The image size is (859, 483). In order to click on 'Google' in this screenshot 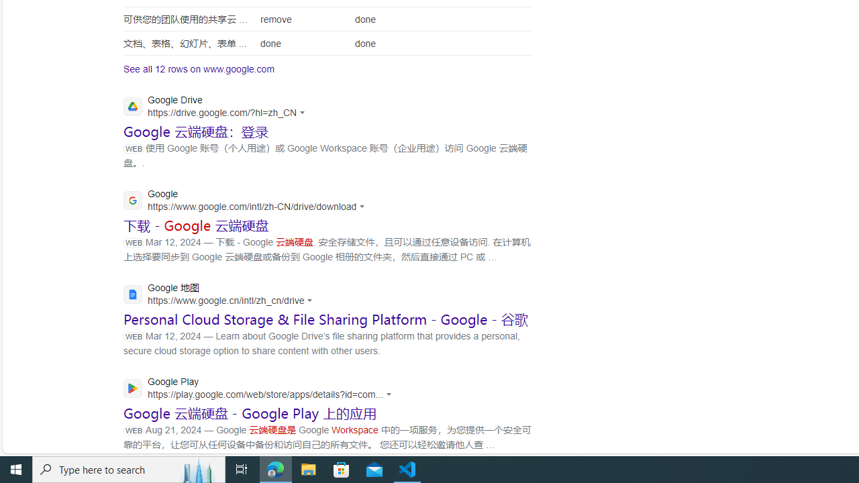, I will do `click(248, 201)`.